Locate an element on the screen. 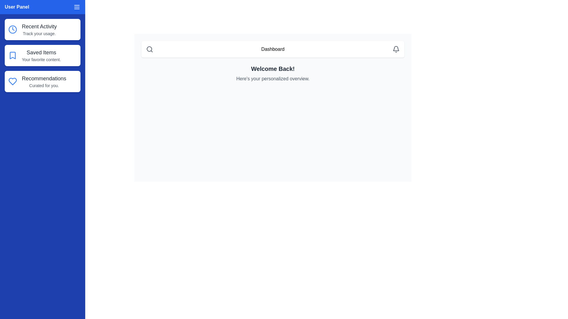  the menu icon button to toggle the drawer visibility is located at coordinates (76, 7).